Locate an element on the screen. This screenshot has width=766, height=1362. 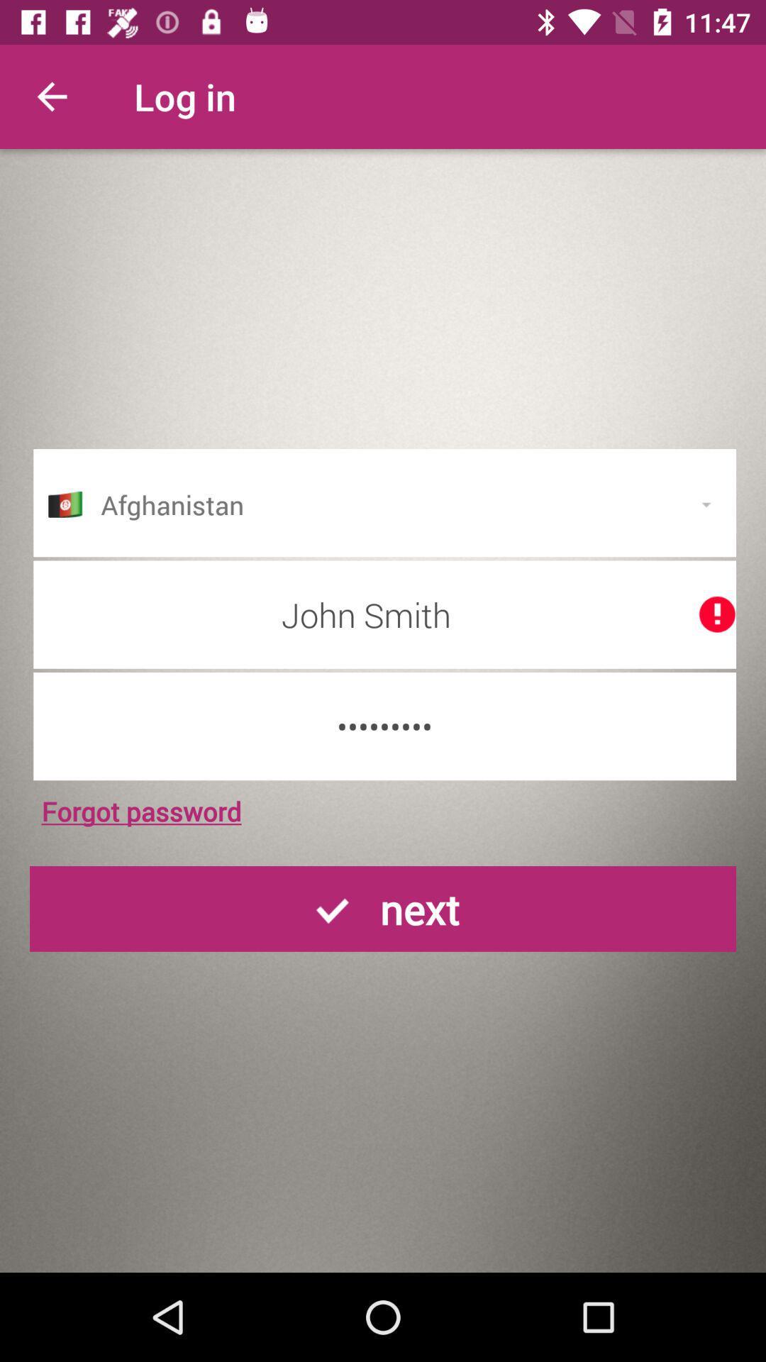
forgot password is located at coordinates (141, 811).